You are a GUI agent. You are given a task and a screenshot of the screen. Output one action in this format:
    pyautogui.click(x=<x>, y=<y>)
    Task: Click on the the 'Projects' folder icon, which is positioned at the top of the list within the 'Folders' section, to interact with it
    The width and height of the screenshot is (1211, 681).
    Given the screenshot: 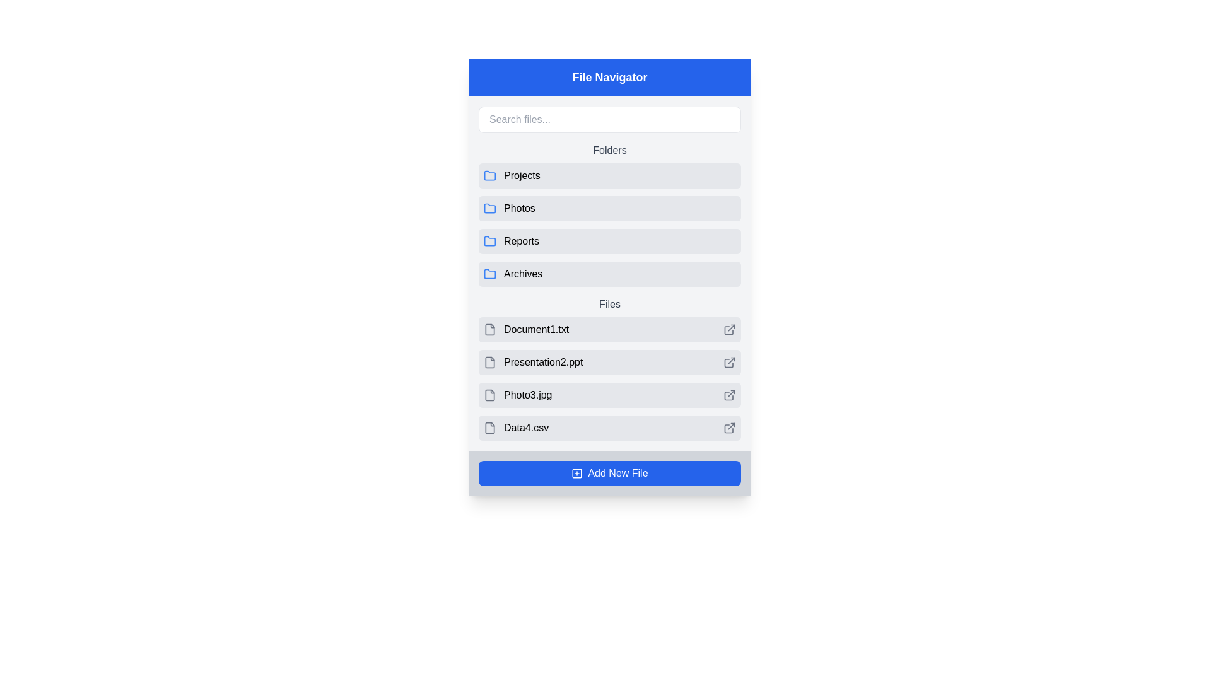 What is the action you would take?
    pyautogui.click(x=489, y=175)
    